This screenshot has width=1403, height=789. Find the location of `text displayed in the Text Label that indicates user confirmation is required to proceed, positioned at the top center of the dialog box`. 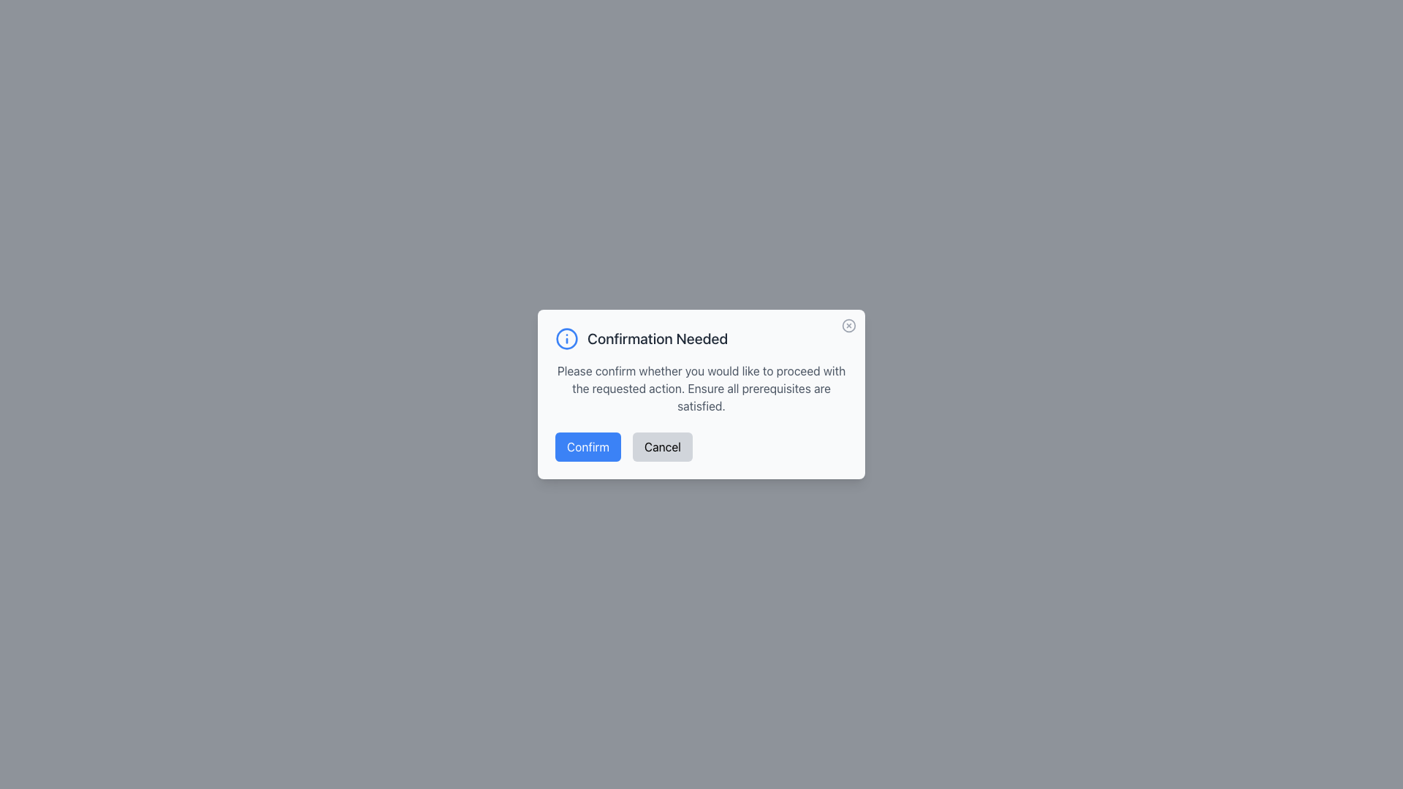

text displayed in the Text Label that indicates user confirmation is required to proceed, positioned at the top center of the dialog box is located at coordinates (657, 338).